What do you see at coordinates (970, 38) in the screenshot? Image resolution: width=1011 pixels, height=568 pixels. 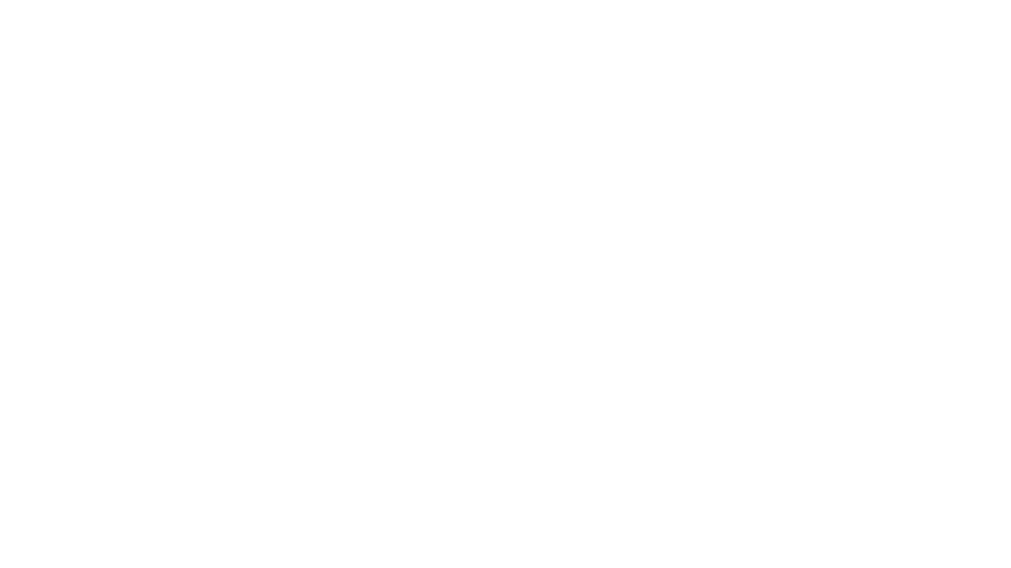 I see `Close` at bounding box center [970, 38].